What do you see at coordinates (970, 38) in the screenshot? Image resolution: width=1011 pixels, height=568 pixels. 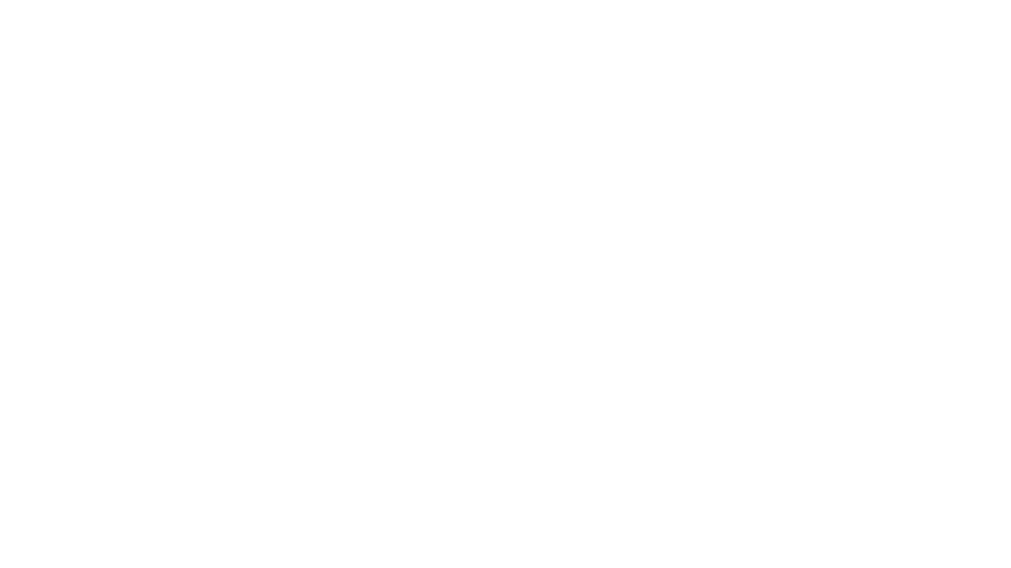 I see `Close` at bounding box center [970, 38].